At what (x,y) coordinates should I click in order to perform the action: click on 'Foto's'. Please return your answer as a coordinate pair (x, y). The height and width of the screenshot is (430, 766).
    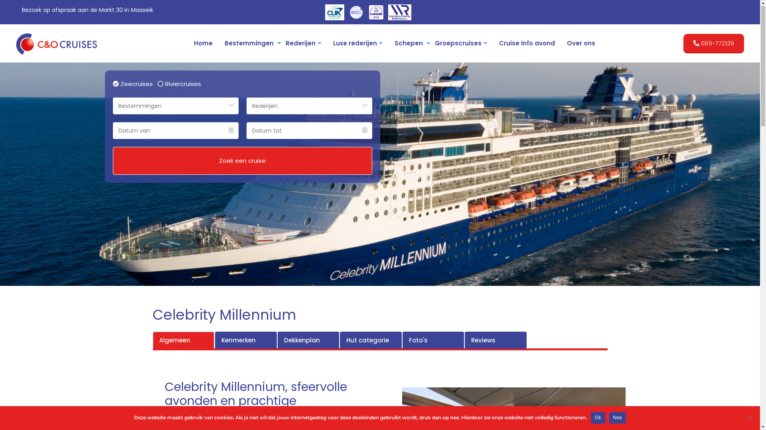
    Looking at the image, I should click on (433, 340).